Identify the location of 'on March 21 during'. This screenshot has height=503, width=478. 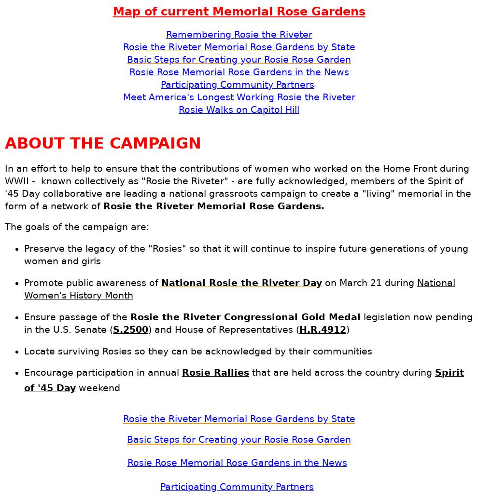
(322, 282).